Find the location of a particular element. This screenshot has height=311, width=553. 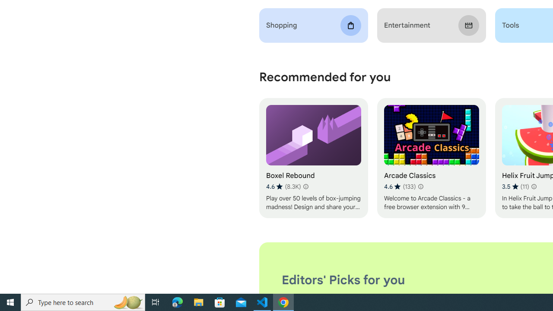

'Learn more about results and reviews "Boxel Rebound"' is located at coordinates (305, 186).